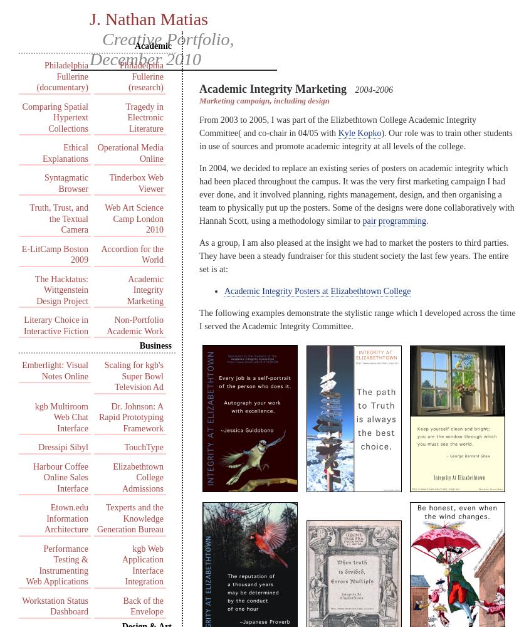 This screenshot has height=627, width=519. I want to click on 'Harbour Coffee Online Sales Interface', so click(60, 477).